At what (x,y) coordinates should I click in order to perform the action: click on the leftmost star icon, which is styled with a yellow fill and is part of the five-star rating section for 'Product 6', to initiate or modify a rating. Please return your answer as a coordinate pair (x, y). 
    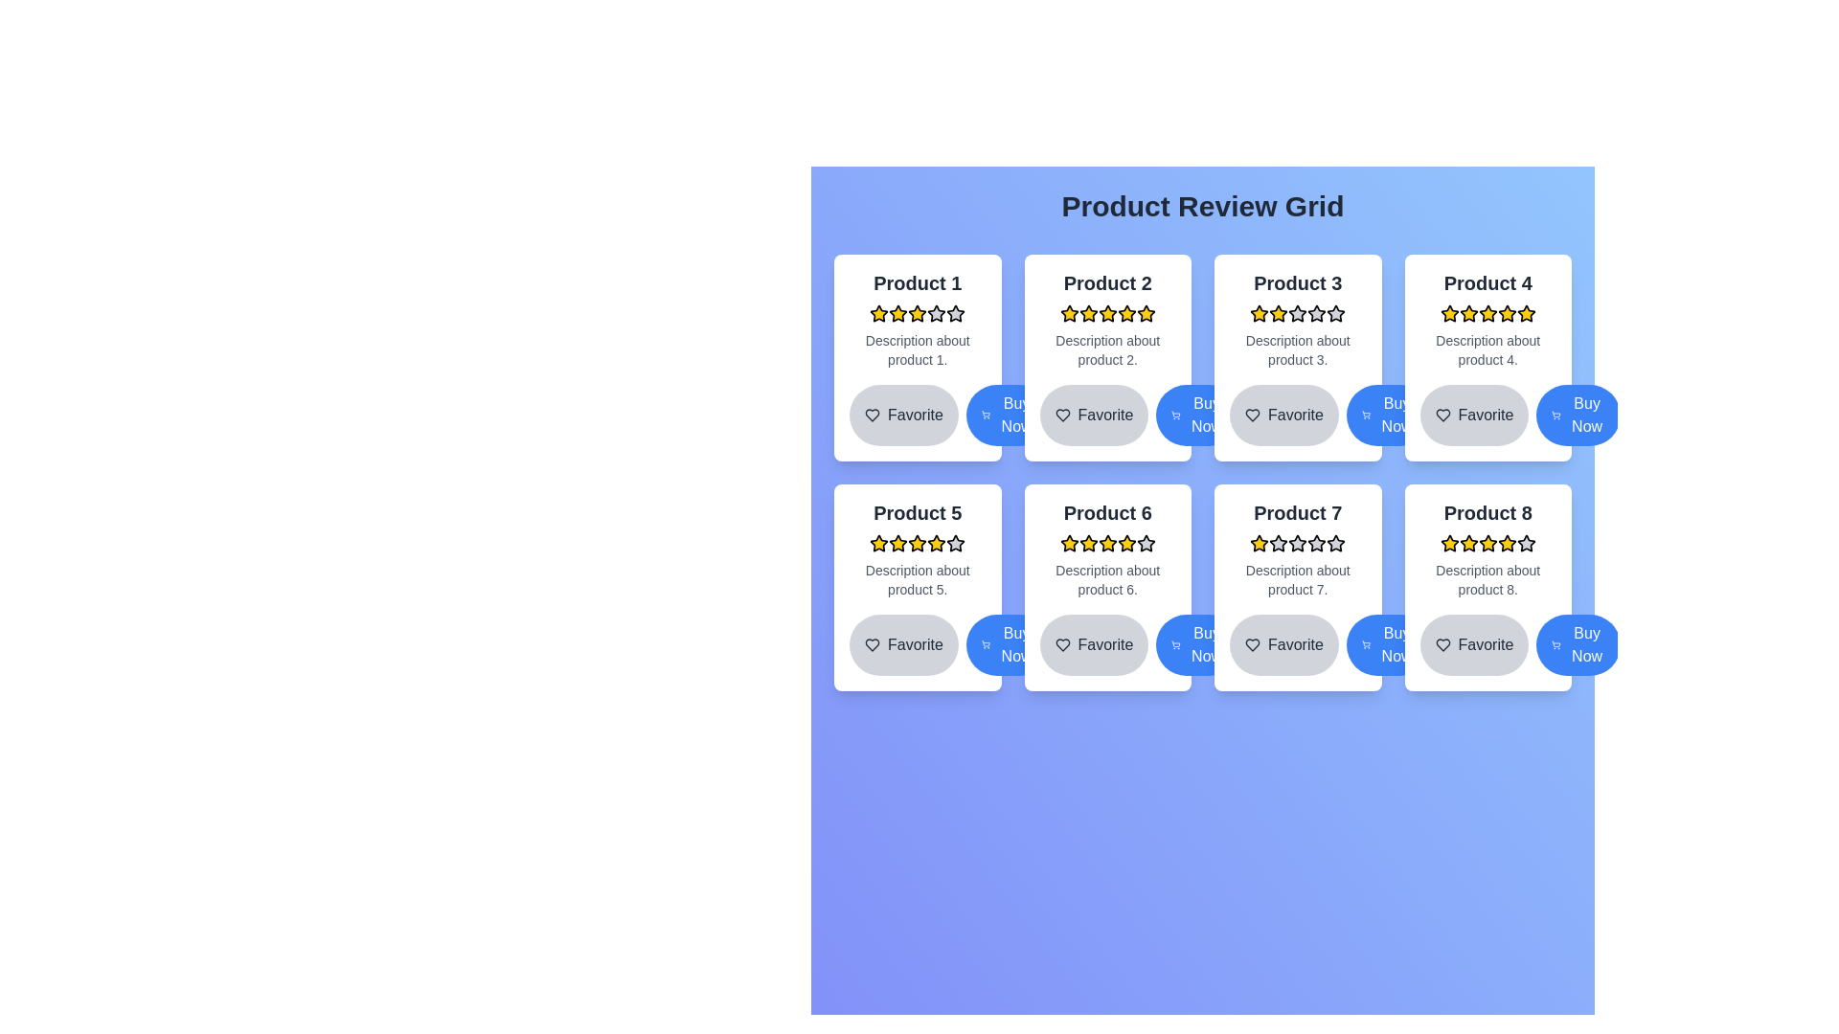
    Looking at the image, I should click on (1068, 543).